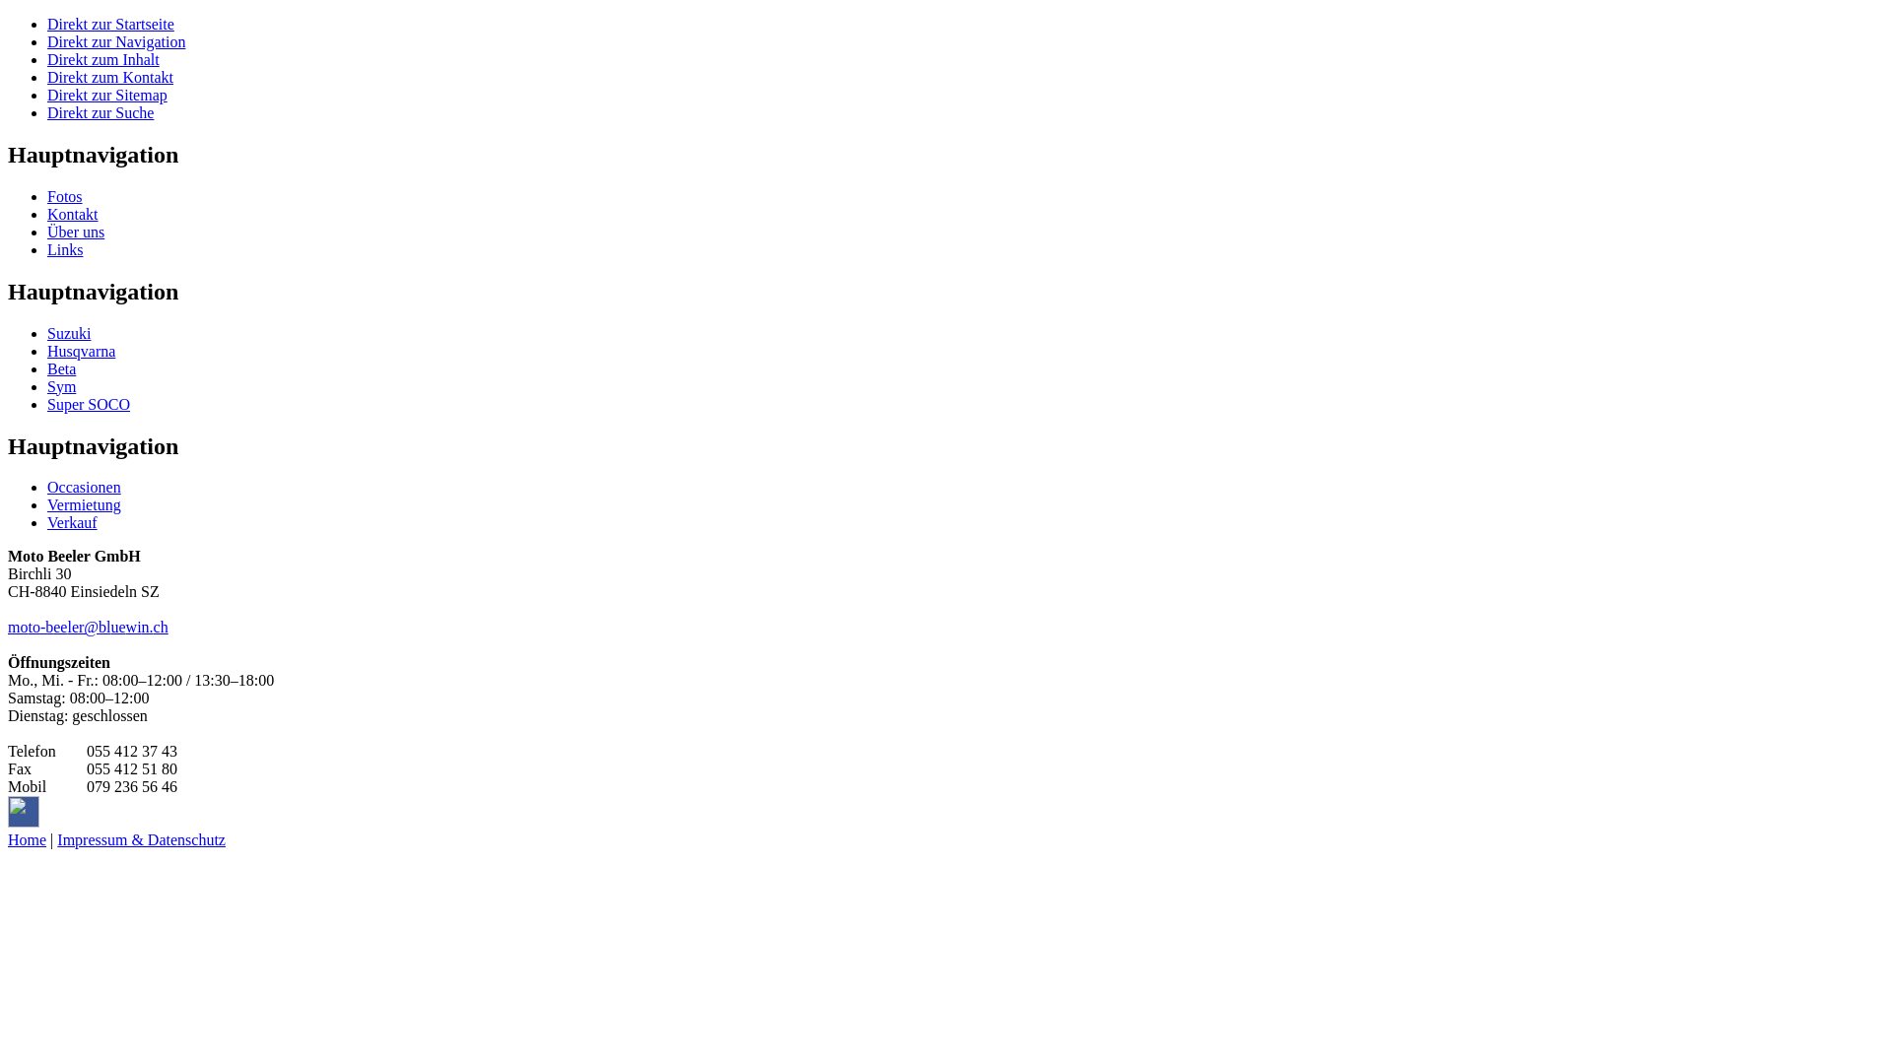 This screenshot has height=1064, width=1892. I want to click on 'Impressum & Datenschutz', so click(140, 839).